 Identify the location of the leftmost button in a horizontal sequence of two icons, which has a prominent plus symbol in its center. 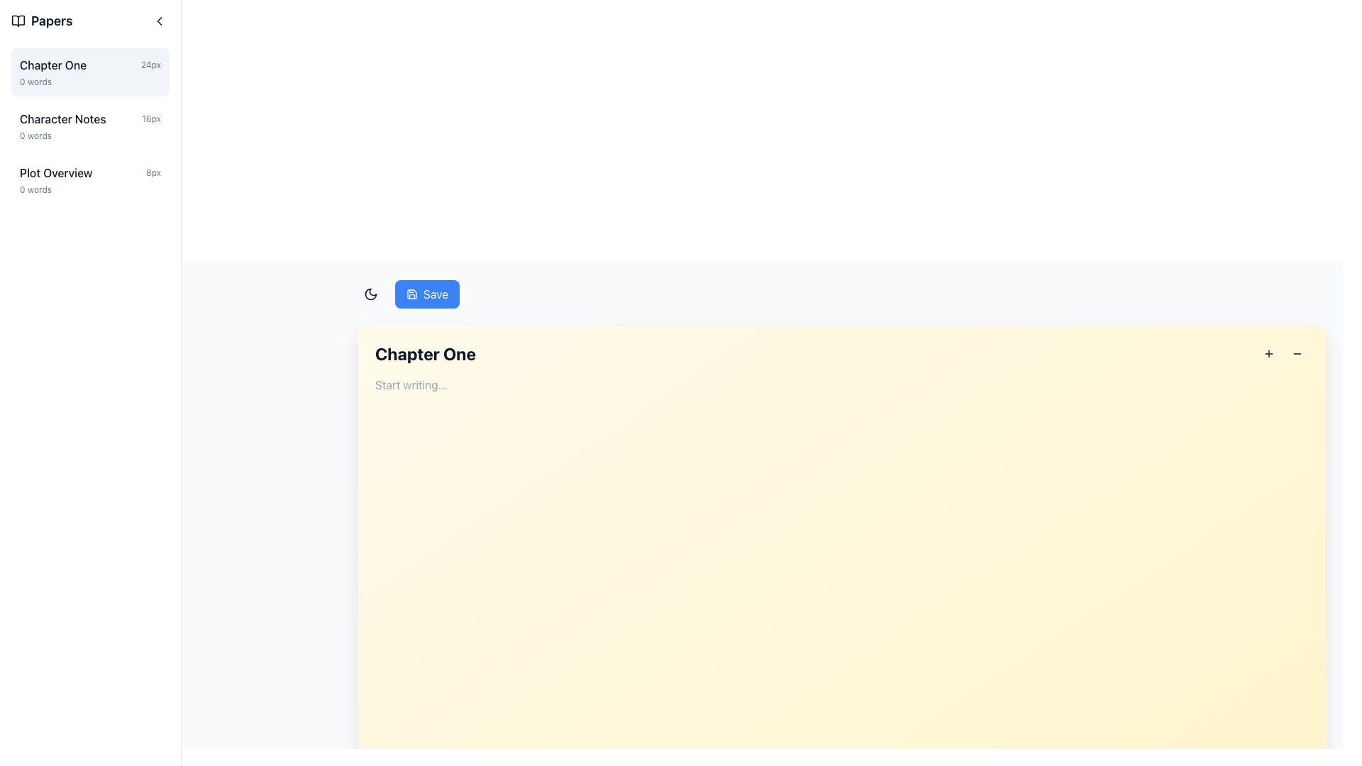
(1269, 353).